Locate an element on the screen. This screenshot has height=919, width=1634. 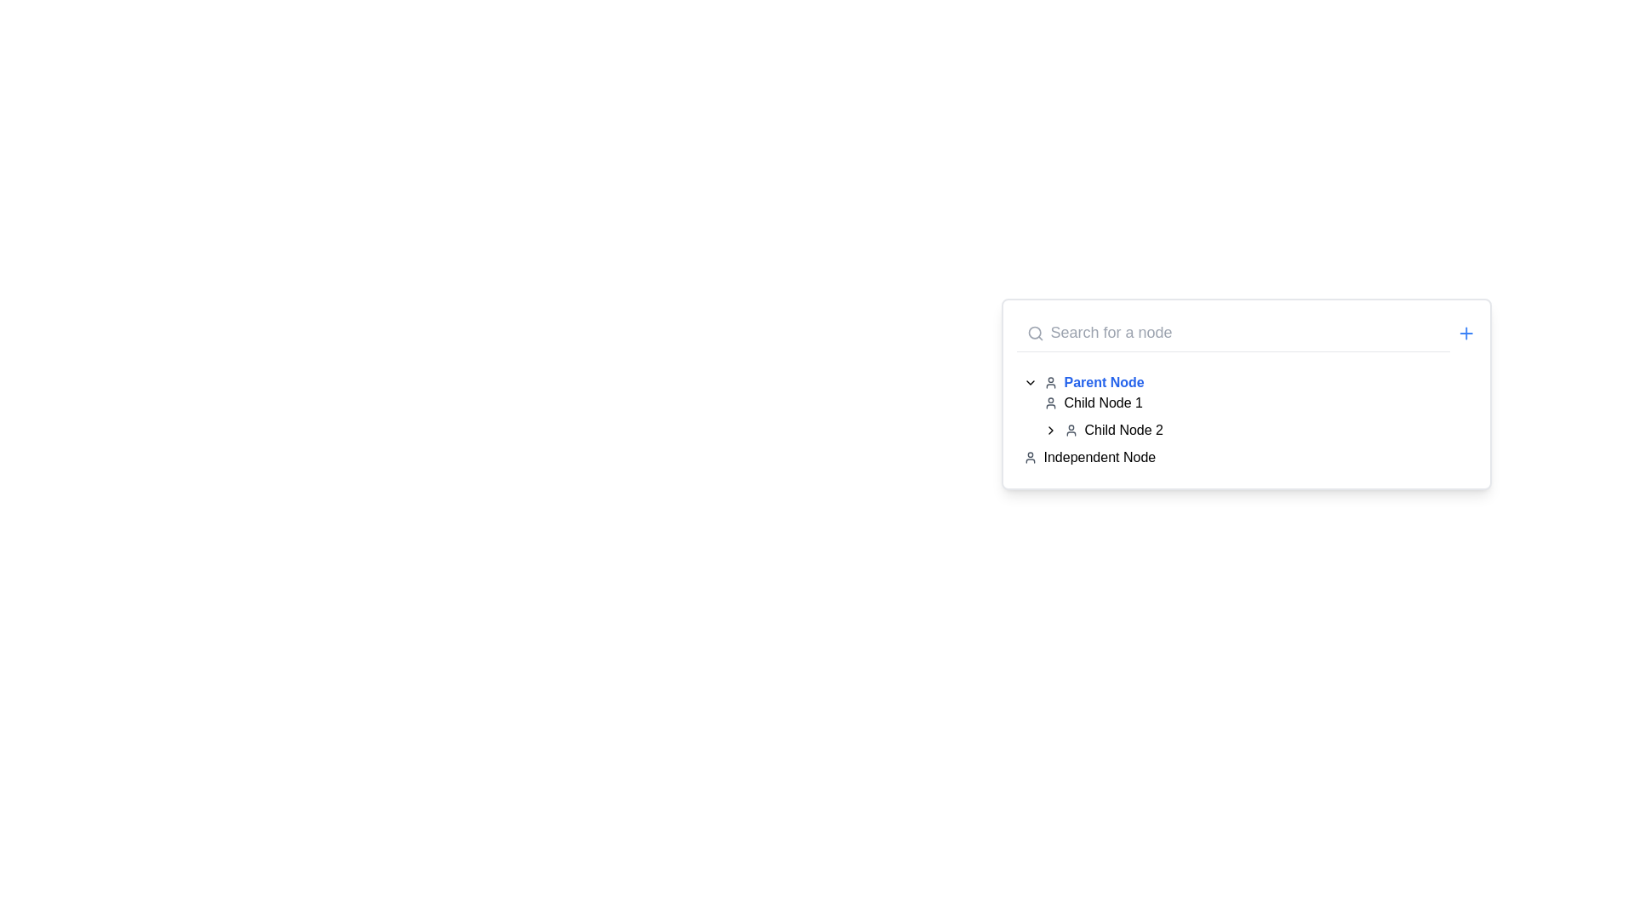
the user profile icon, which is a minimalistic figure with a circular head and a semi-elliptical body outline is located at coordinates (1049, 383).